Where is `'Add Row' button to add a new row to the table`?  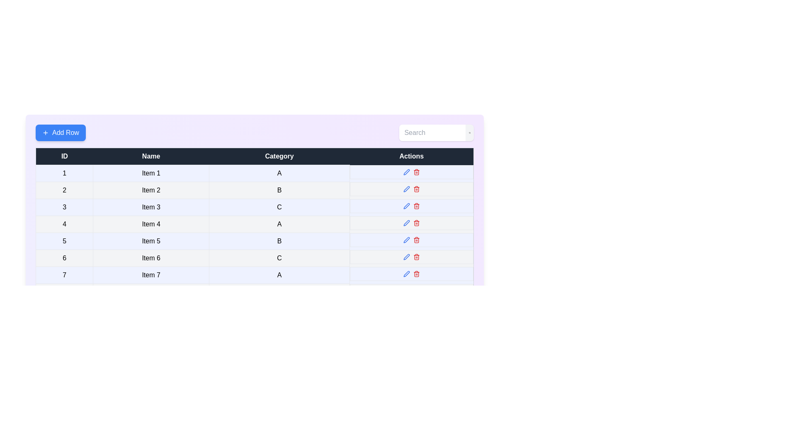
'Add Row' button to add a new row to the table is located at coordinates (60, 132).